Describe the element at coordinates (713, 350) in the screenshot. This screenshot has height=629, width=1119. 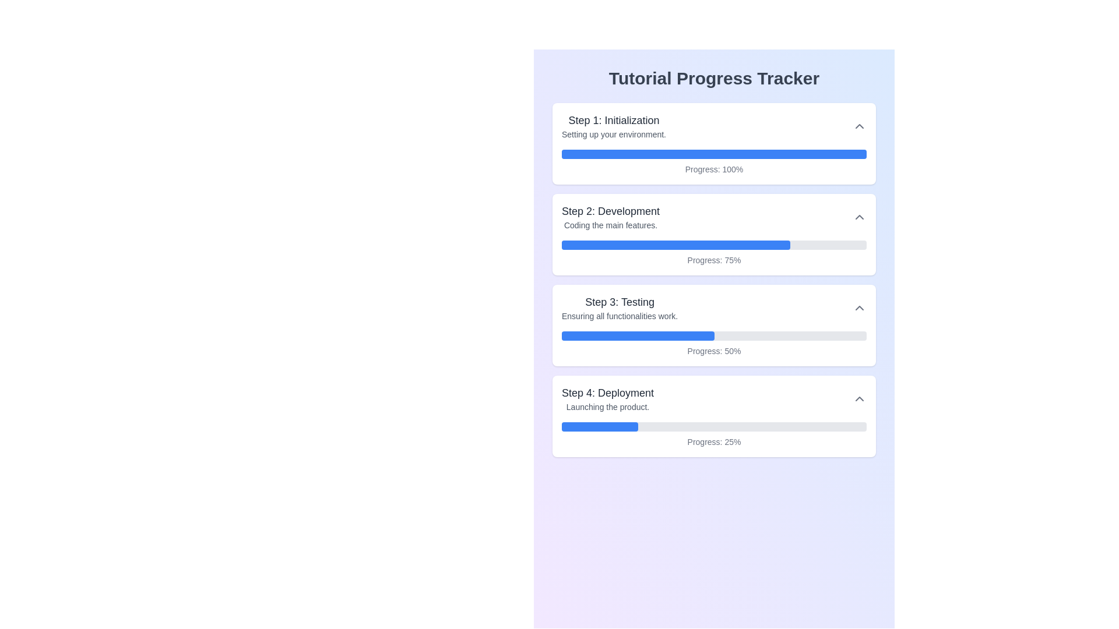
I see `the text label that displays the current progress percentage, located beneath the 50%-filled progress bar in the 'Step 3: Testing' section` at that location.